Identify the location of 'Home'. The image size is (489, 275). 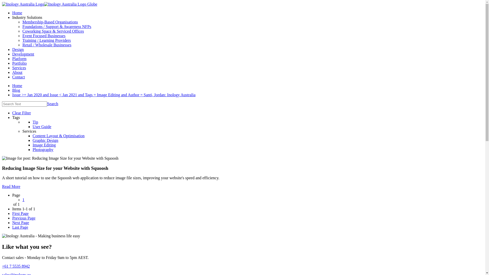
(17, 85).